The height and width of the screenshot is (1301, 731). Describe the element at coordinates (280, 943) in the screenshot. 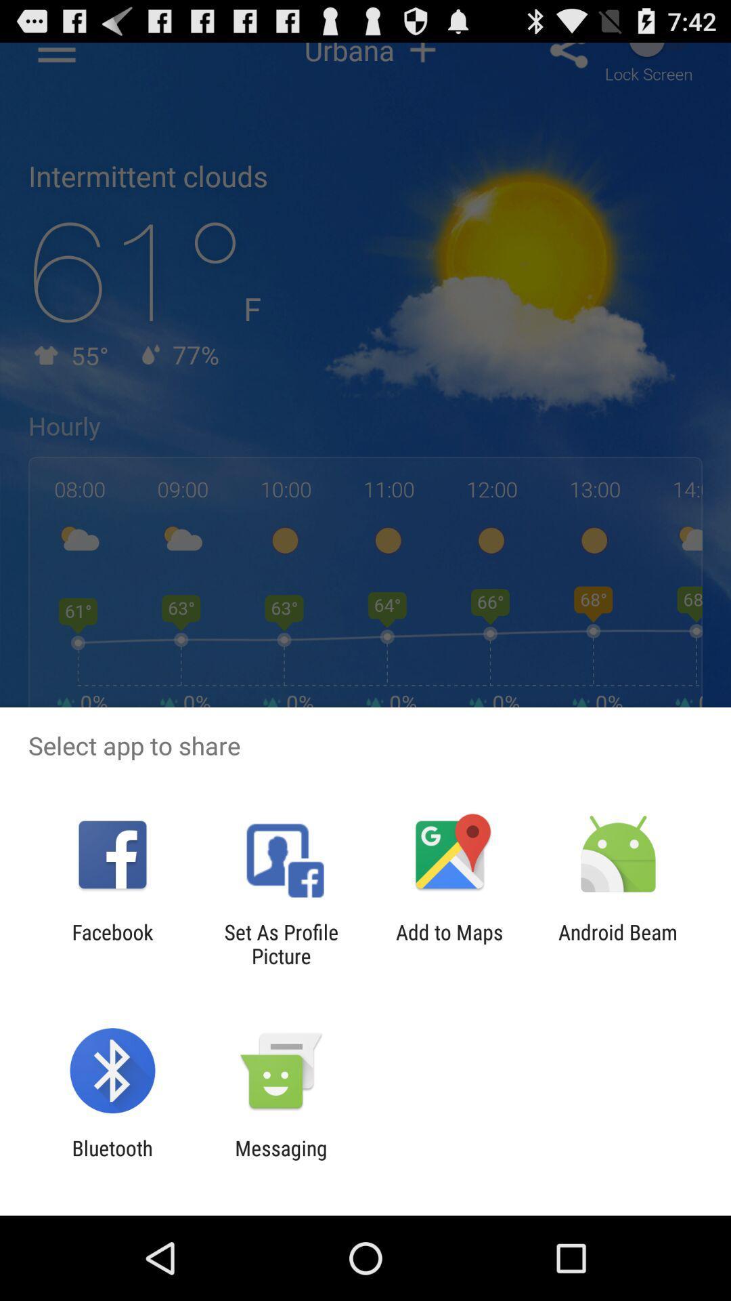

I see `set as profile icon` at that location.